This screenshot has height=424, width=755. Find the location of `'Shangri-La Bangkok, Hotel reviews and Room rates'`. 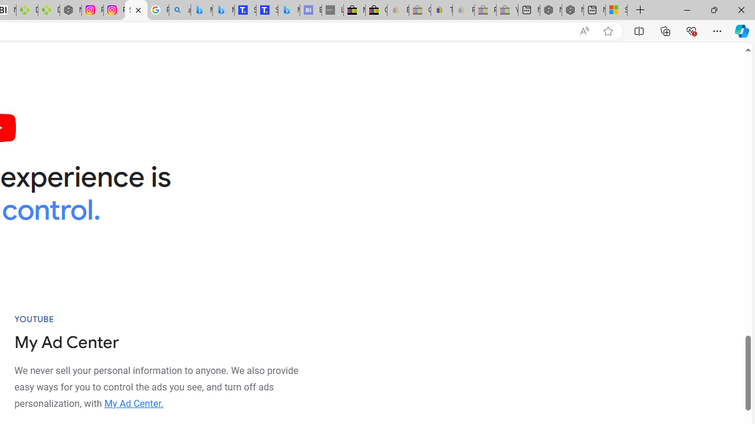

'Shangri-La Bangkok, Hotel reviews and Room rates' is located at coordinates (267, 10).